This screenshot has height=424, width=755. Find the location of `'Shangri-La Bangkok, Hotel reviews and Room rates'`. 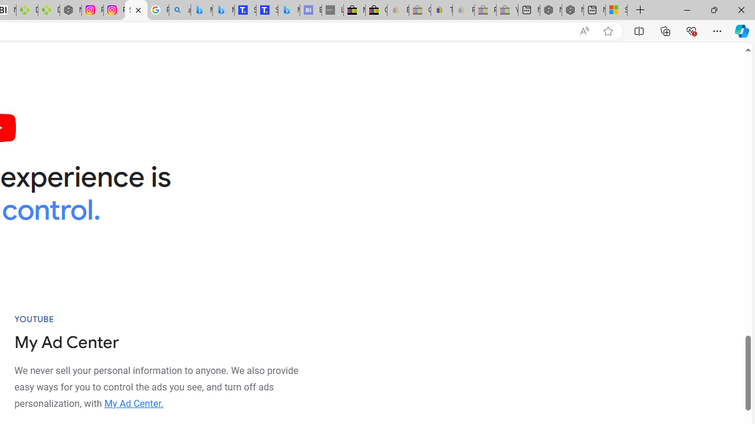

'Shangri-La Bangkok, Hotel reviews and Room rates' is located at coordinates (267, 10).